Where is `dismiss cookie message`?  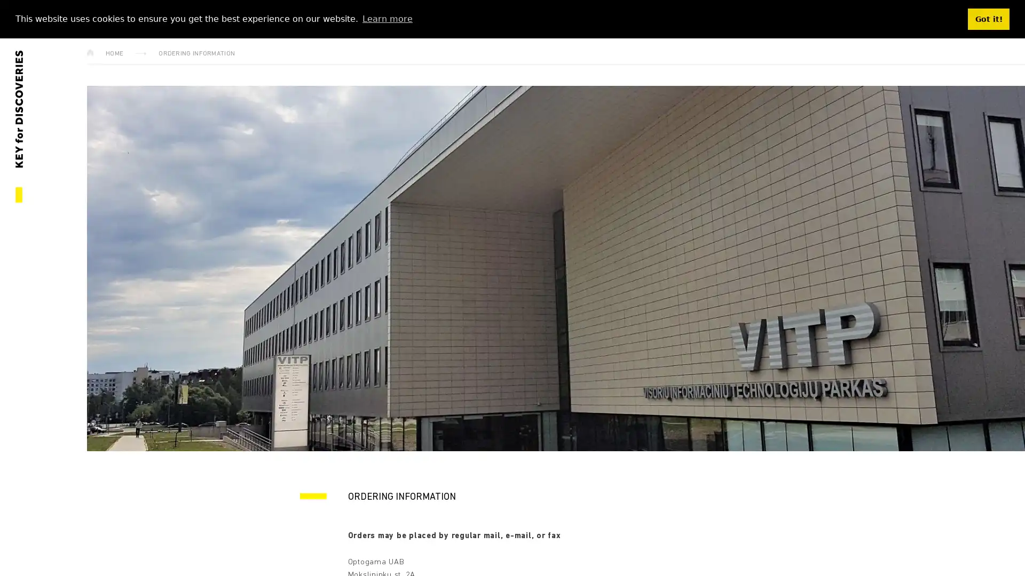 dismiss cookie message is located at coordinates (988, 19).